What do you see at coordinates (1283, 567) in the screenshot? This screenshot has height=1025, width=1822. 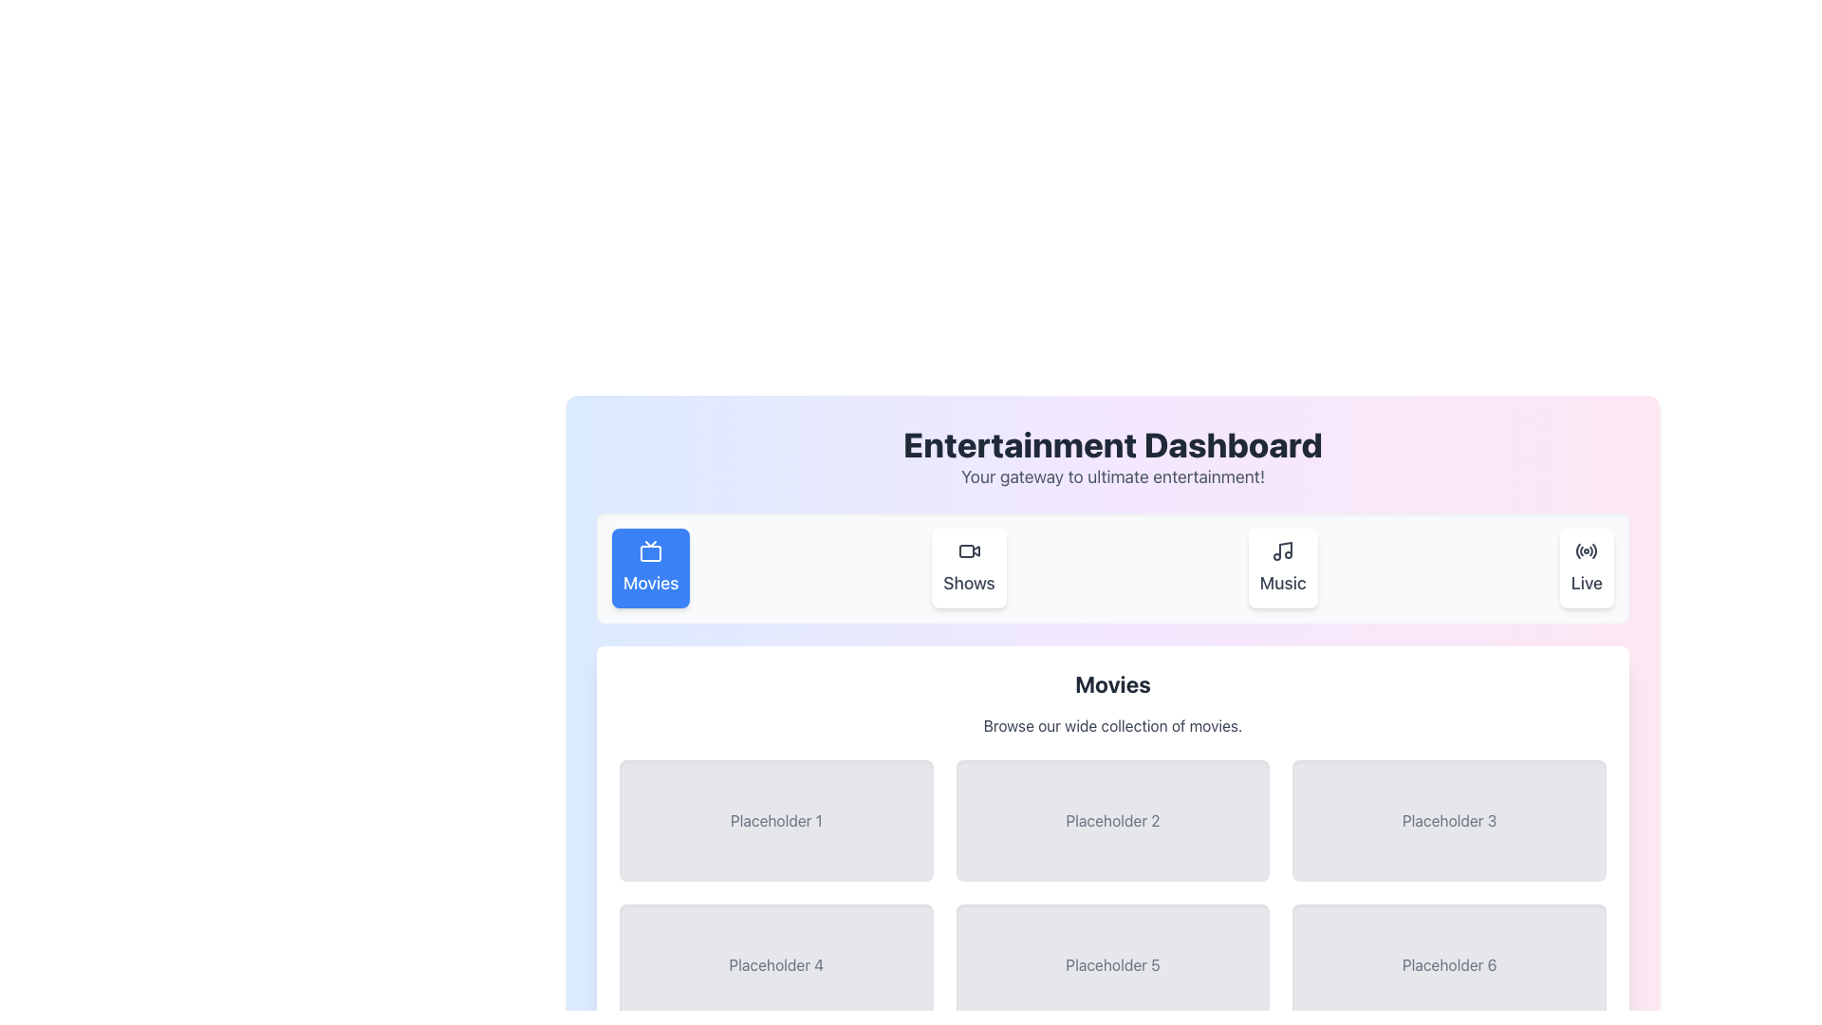 I see `the 'Music' button, which features a musical note icon and is the third button in a group of four on the 'Entertainment Dashboard'` at bounding box center [1283, 567].